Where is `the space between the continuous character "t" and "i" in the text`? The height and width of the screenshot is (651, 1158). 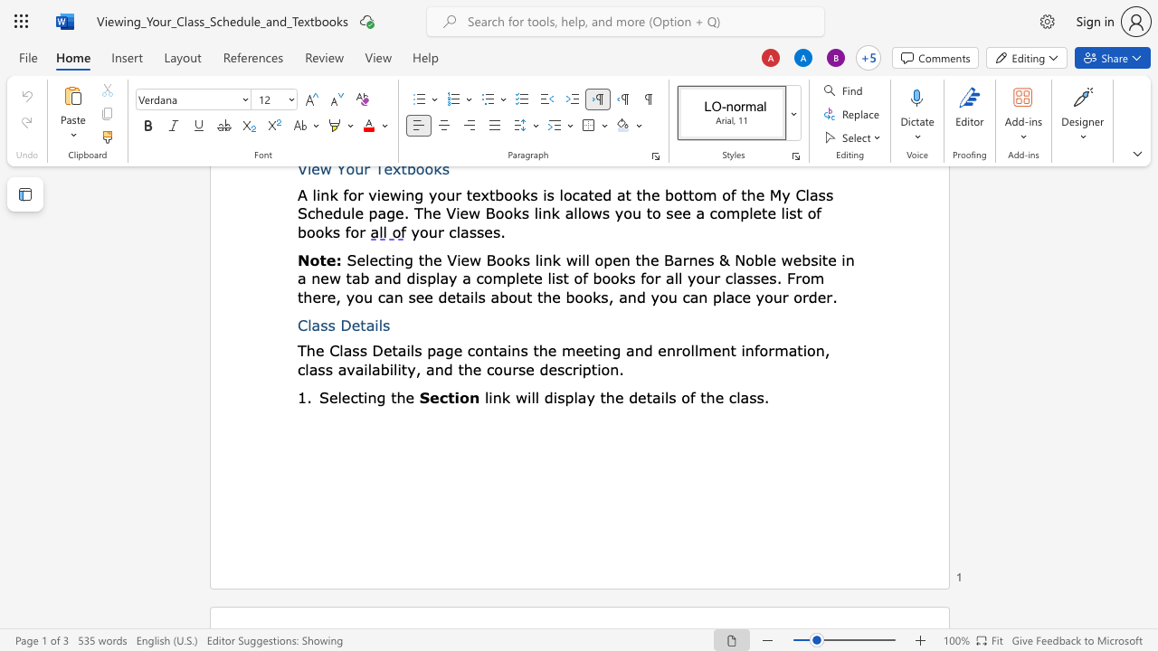 the space between the continuous character "t" and "i" in the text is located at coordinates (362, 396).